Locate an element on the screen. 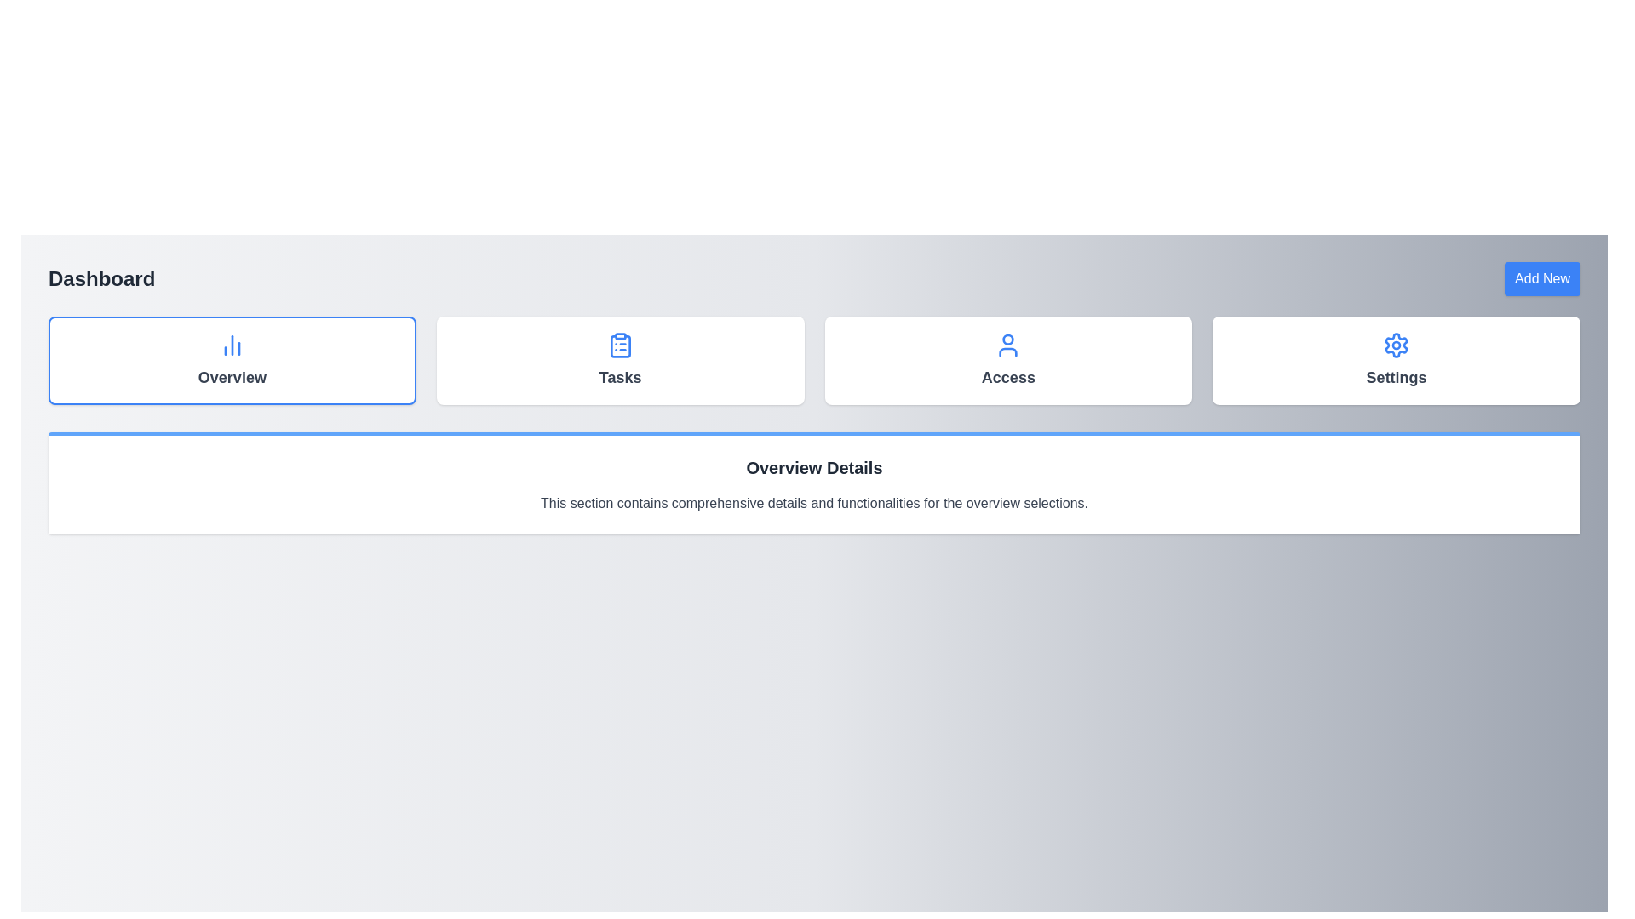 This screenshot has width=1635, height=919. the 'Overview' button, which is a rectangular button with a white background, rounded edges, and a blue bar chart icon, to trigger hover effects is located at coordinates (231, 360).